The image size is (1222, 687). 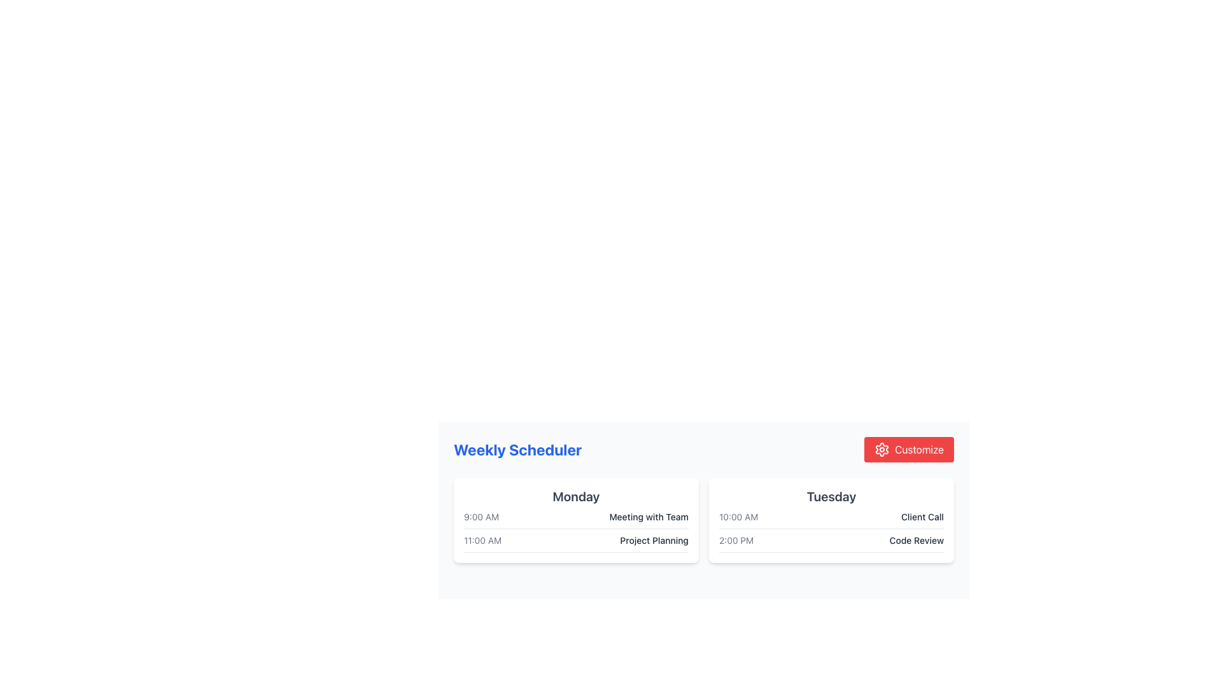 I want to click on the scheduled event titled 'Project Planning' set for 11:00 AM, which is the second entry under Monday in the weekly schedule, so click(x=575, y=541).